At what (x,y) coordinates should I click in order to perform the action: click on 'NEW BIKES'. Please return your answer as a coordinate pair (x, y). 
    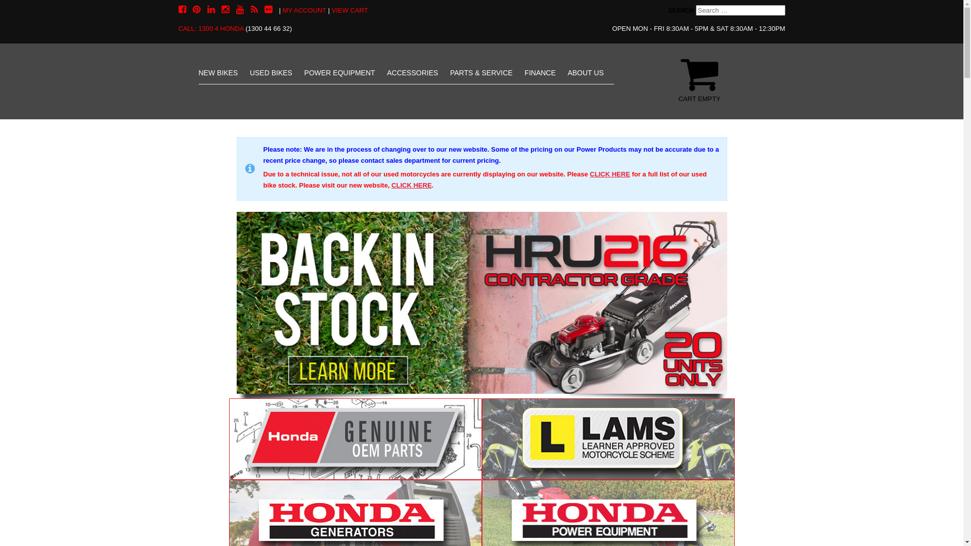
    Looking at the image, I should click on (217, 72).